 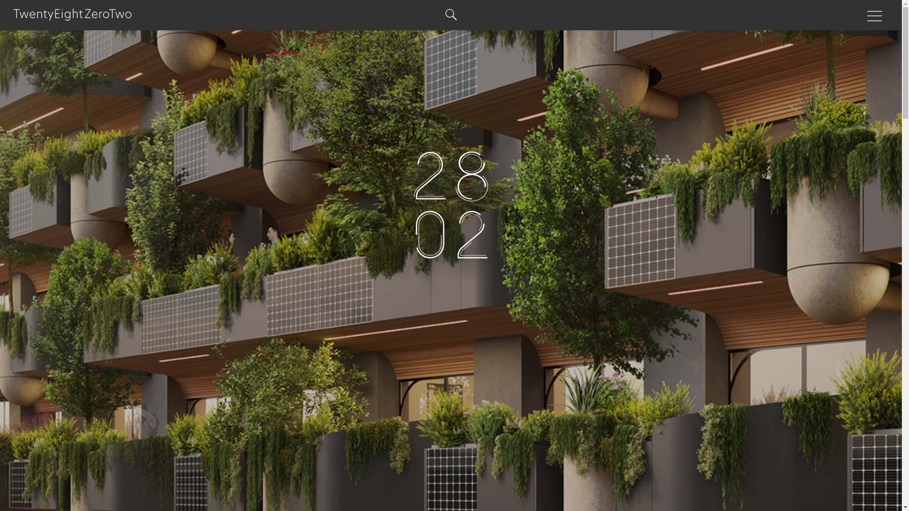 What do you see at coordinates (874, 16) in the screenshot?
I see `'Primary Menu'` at bounding box center [874, 16].